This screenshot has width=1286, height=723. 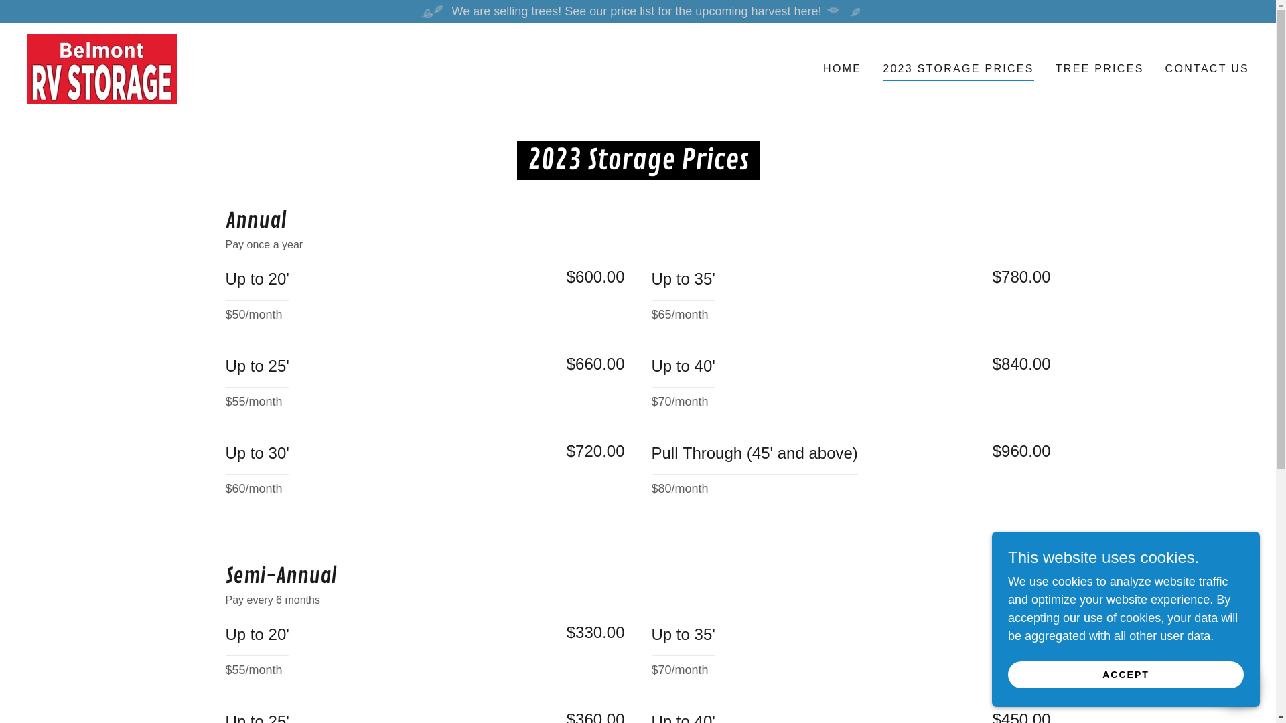 What do you see at coordinates (818, 69) in the screenshot?
I see `'HOME'` at bounding box center [818, 69].